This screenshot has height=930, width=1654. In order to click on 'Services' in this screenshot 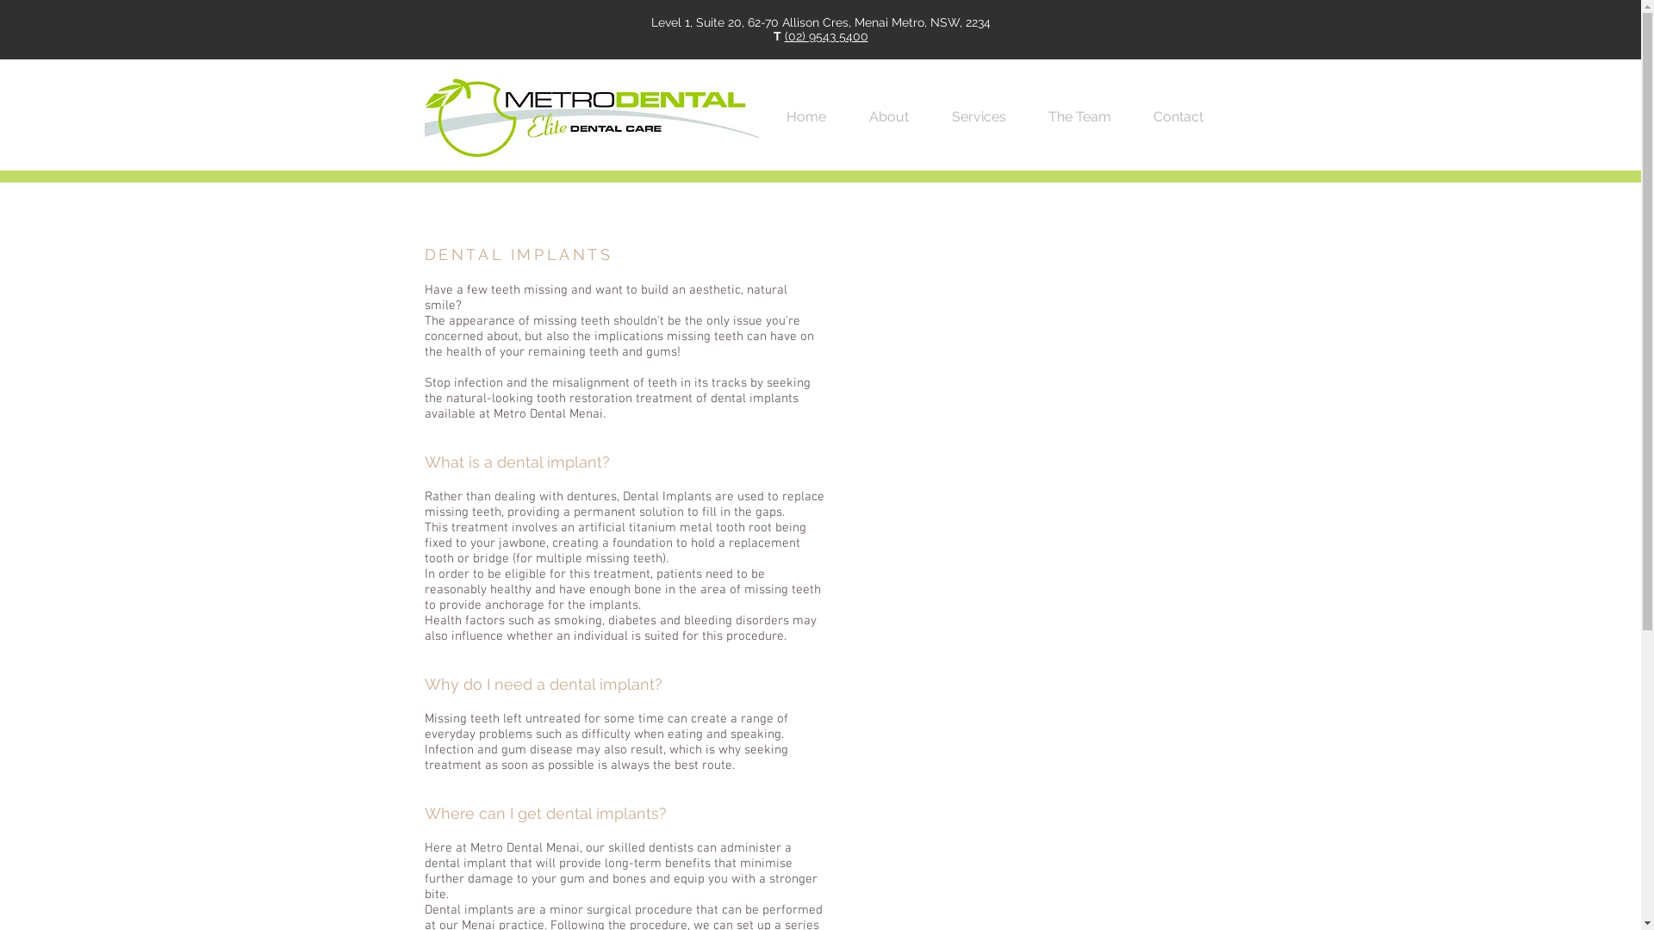, I will do `click(942, 116)`.